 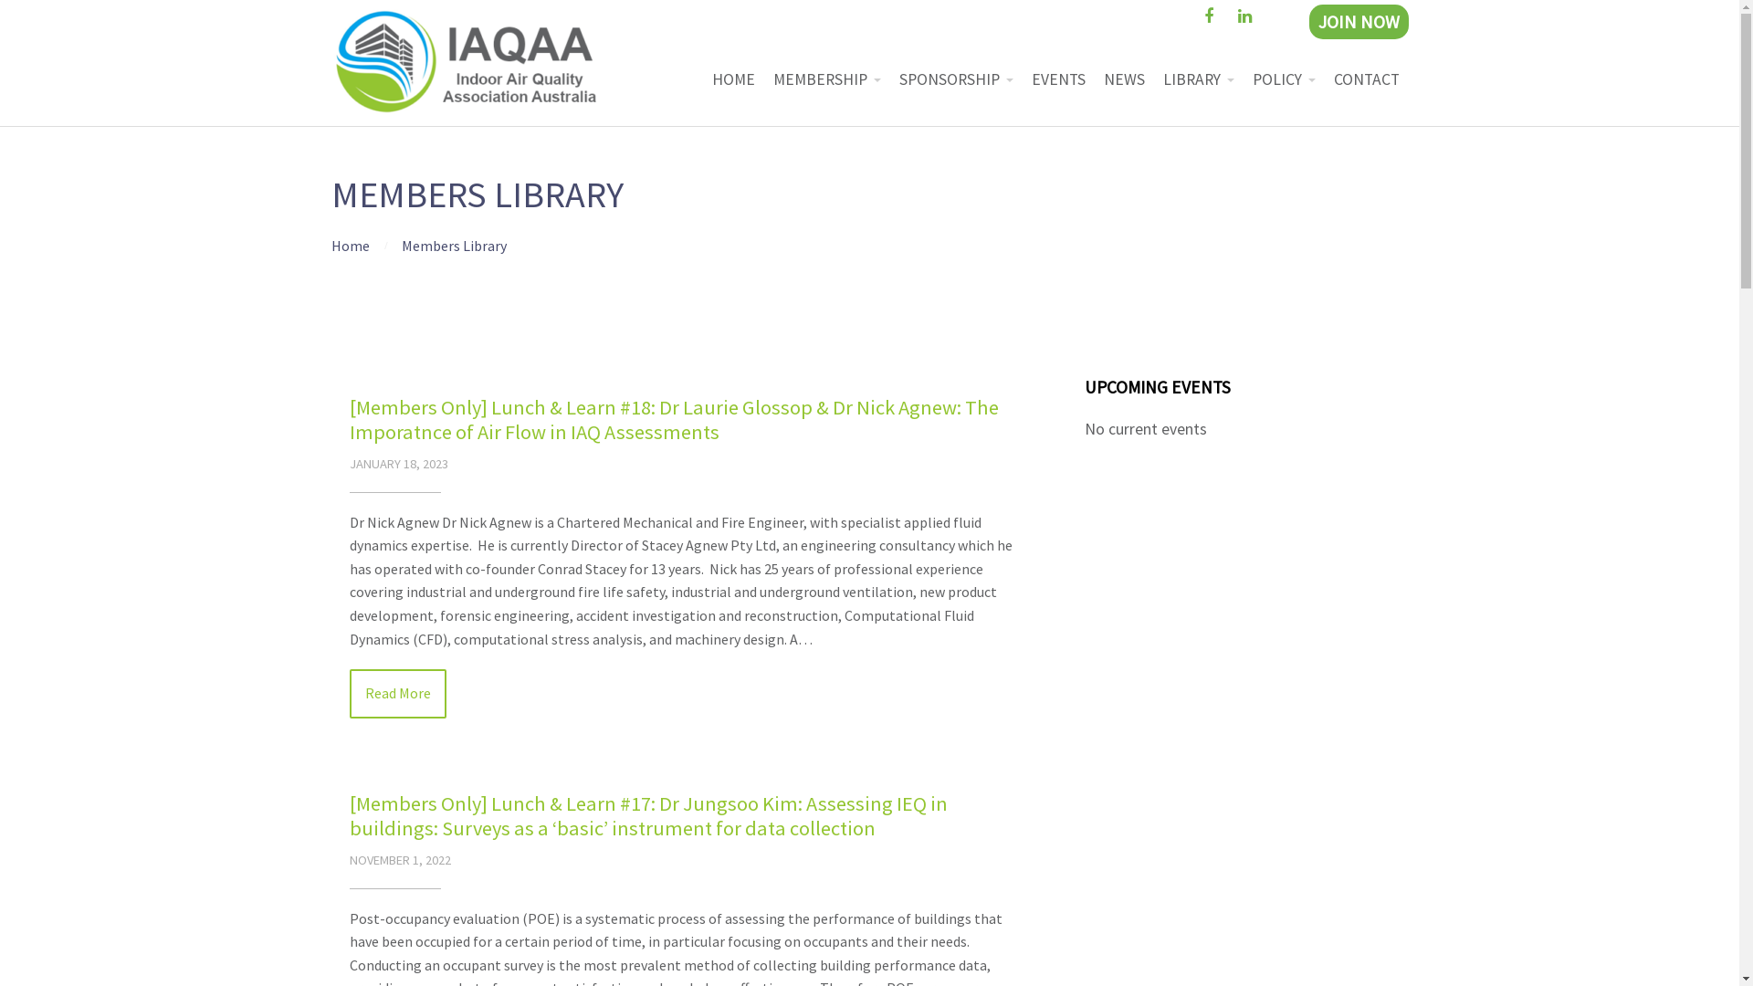 What do you see at coordinates (1058, 79) in the screenshot?
I see `'EVENTS'` at bounding box center [1058, 79].